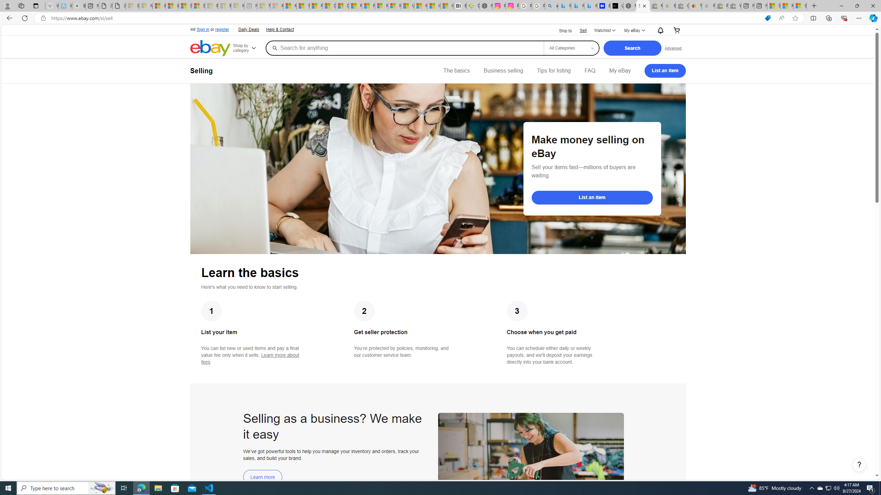  Describe the element at coordinates (132, 5) in the screenshot. I see `'Sign in to your Microsoft account - Sleeping'` at that location.